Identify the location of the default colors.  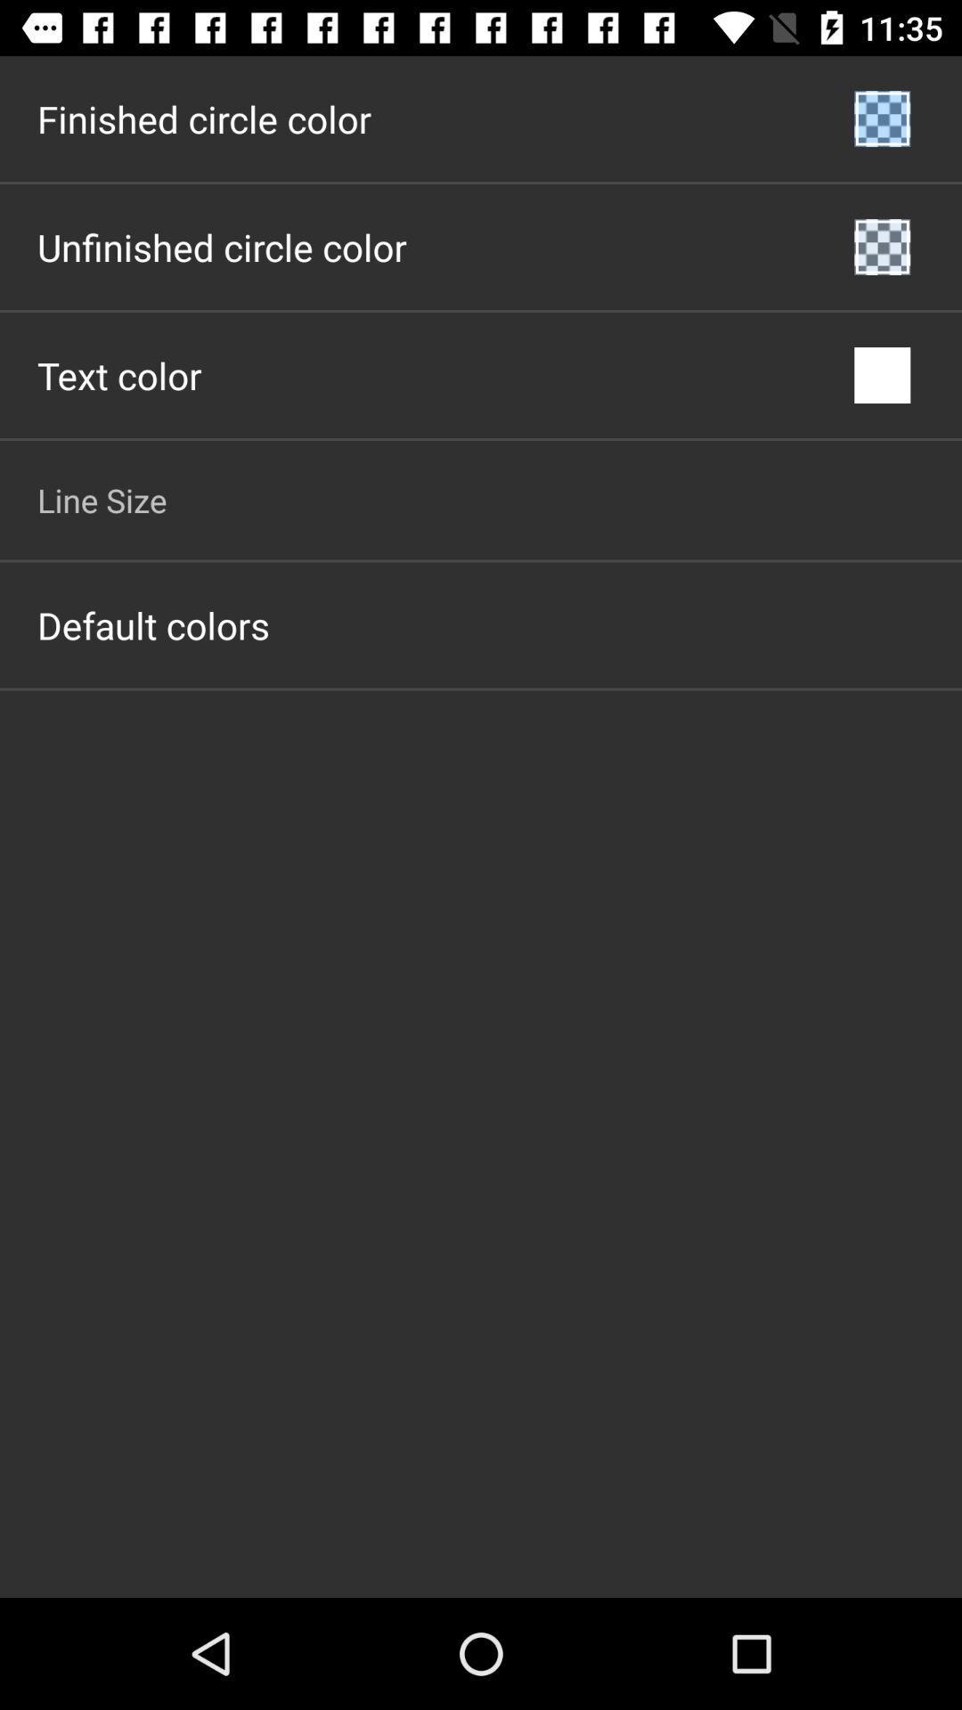
(152, 624).